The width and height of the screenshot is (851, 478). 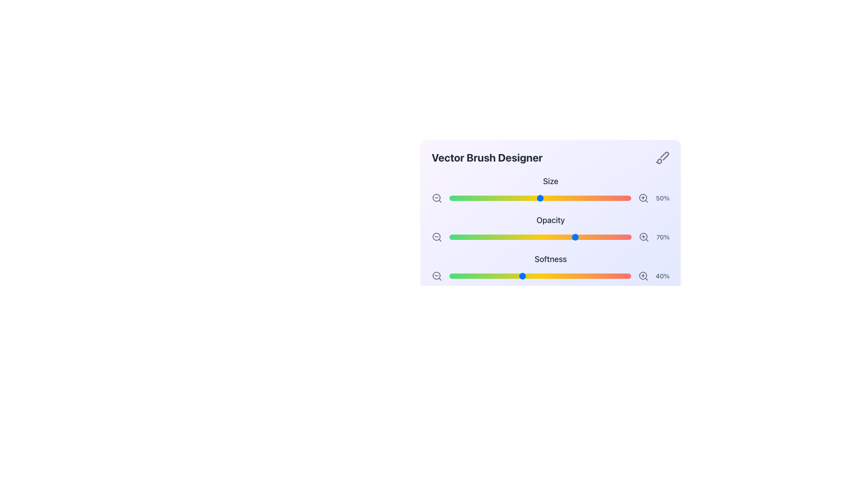 I want to click on softness, so click(x=509, y=276).